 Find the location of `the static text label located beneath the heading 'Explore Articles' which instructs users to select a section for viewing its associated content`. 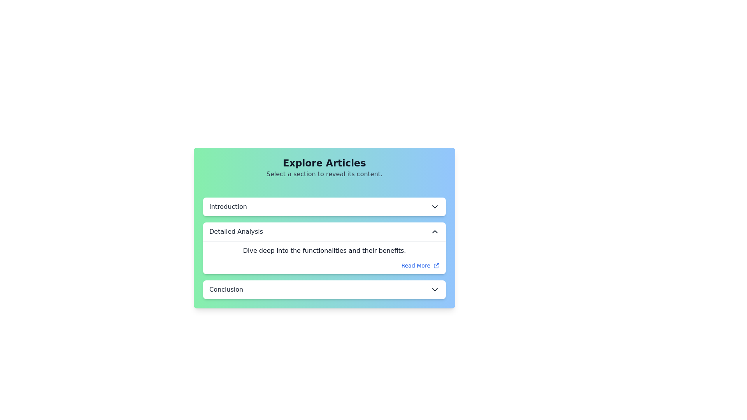

the static text label located beneath the heading 'Explore Articles' which instructs users to select a section for viewing its associated content is located at coordinates (324, 173).